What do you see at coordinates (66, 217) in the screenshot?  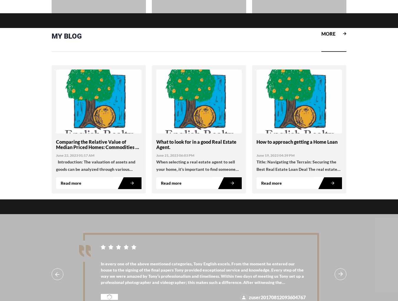 I see `'REVIEWS'` at bounding box center [66, 217].